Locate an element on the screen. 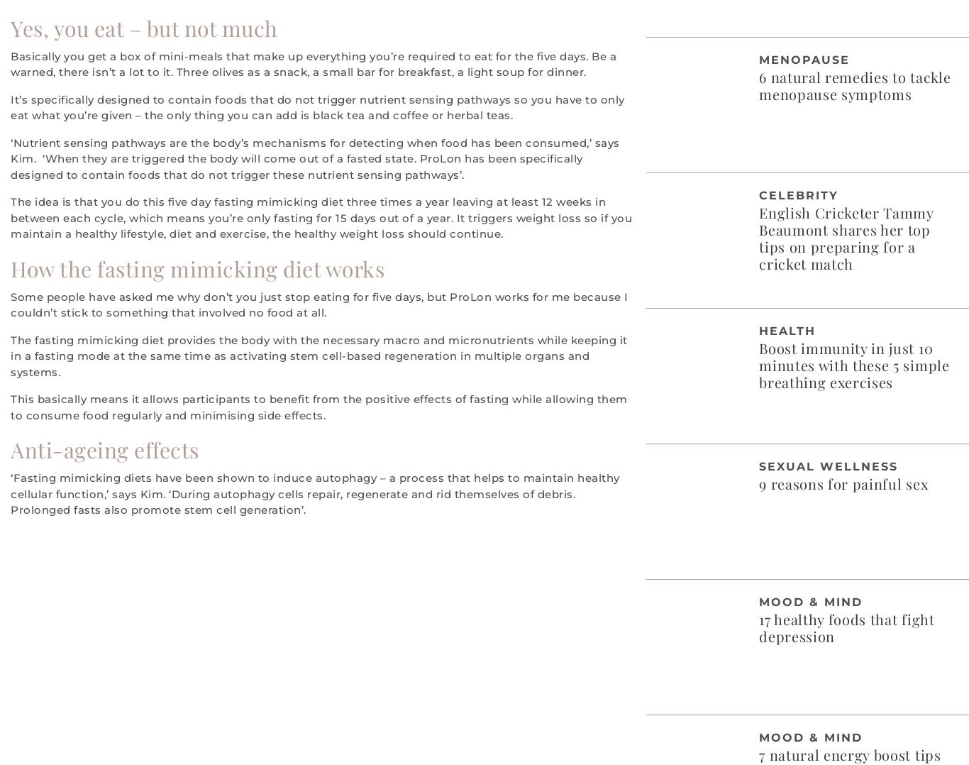 This screenshot has height=765, width=969. '‘Nutrient sensing pathways are the body’s mechanisms for detecting when food has been consumed,’ says Kim.  ‘When they are triggered the body will come out of a fasted state. ProLon has been specifically designed to contain foods that do not trigger these nutrient sensing pathways’.' is located at coordinates (314, 158).